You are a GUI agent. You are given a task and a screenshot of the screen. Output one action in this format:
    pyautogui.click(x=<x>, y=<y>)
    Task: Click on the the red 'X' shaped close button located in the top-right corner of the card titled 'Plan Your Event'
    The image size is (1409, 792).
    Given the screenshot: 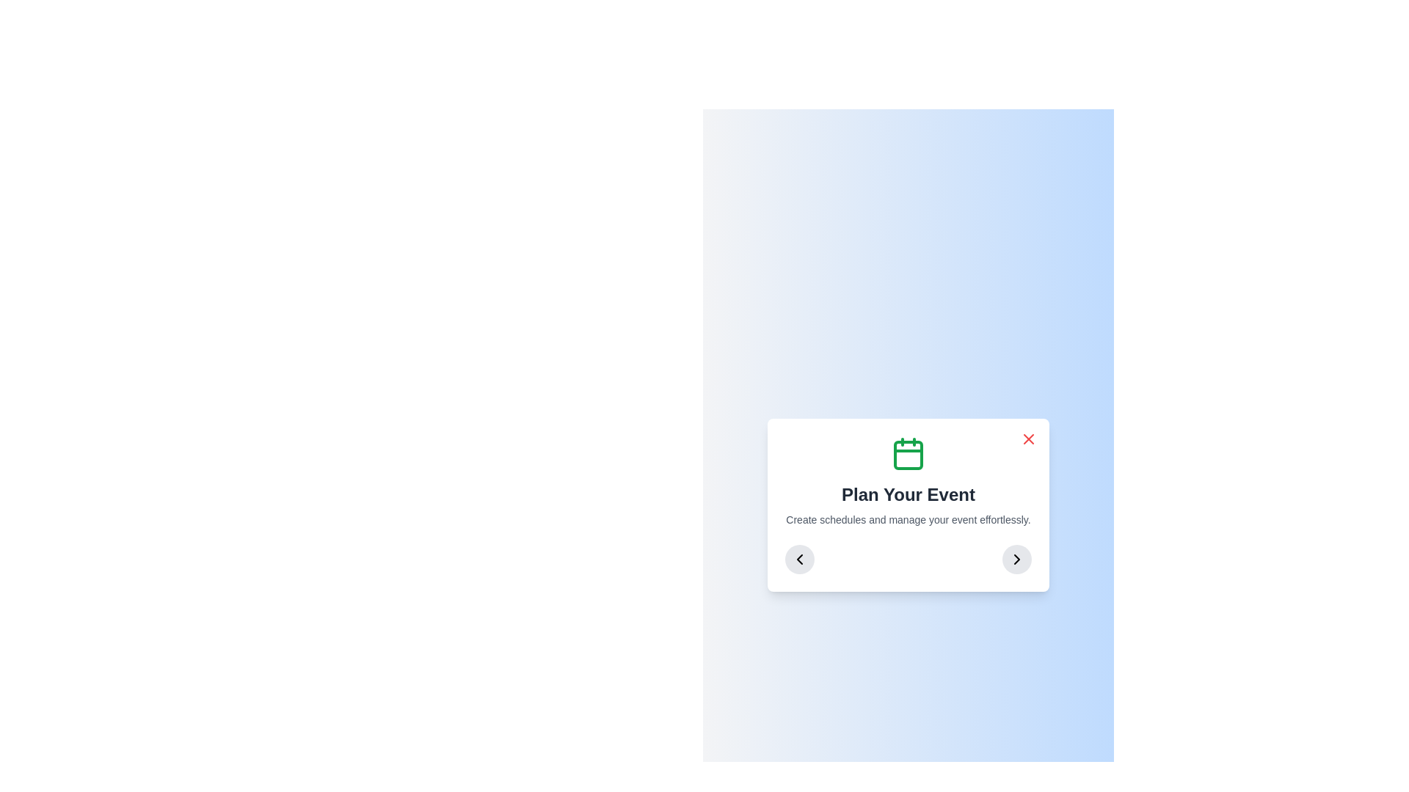 What is the action you would take?
    pyautogui.click(x=1027, y=438)
    